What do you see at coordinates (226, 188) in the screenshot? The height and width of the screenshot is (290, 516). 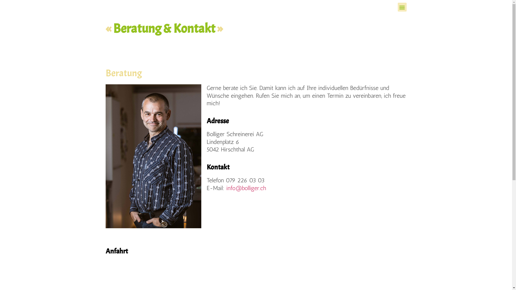 I see `'info@bolliger.ch'` at bounding box center [226, 188].